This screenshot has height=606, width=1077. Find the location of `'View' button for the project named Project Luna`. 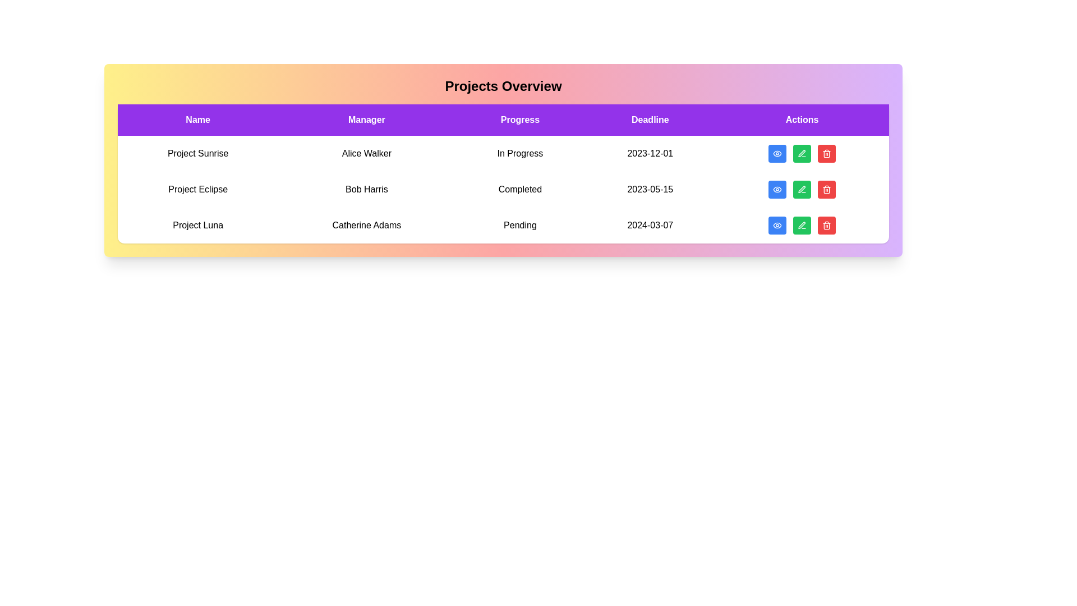

'View' button for the project named Project Luna is located at coordinates (777, 225).